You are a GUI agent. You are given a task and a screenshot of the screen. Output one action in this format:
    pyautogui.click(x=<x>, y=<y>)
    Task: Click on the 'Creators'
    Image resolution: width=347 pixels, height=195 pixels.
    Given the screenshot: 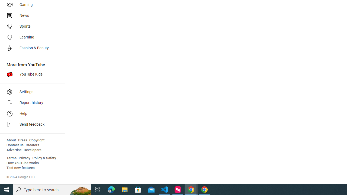 What is the action you would take?
    pyautogui.click(x=32, y=145)
    